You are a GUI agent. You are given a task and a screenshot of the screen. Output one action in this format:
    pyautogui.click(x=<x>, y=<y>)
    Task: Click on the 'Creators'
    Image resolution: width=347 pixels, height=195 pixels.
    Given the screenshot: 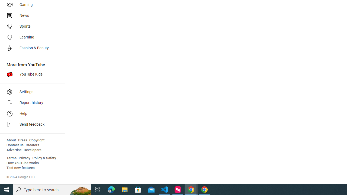 What is the action you would take?
    pyautogui.click(x=32, y=145)
    